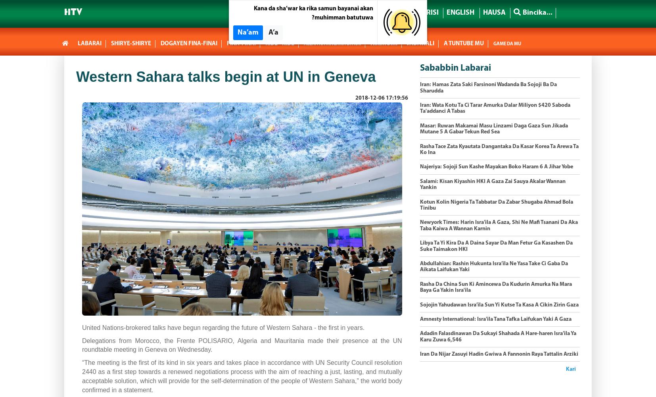 This screenshot has height=397, width=656. I want to click on '​Sojojin Yahudawan Isra’ila Sun Yi Kutse Ta Kasa A Cikin Zirin Gaza', so click(499, 304).